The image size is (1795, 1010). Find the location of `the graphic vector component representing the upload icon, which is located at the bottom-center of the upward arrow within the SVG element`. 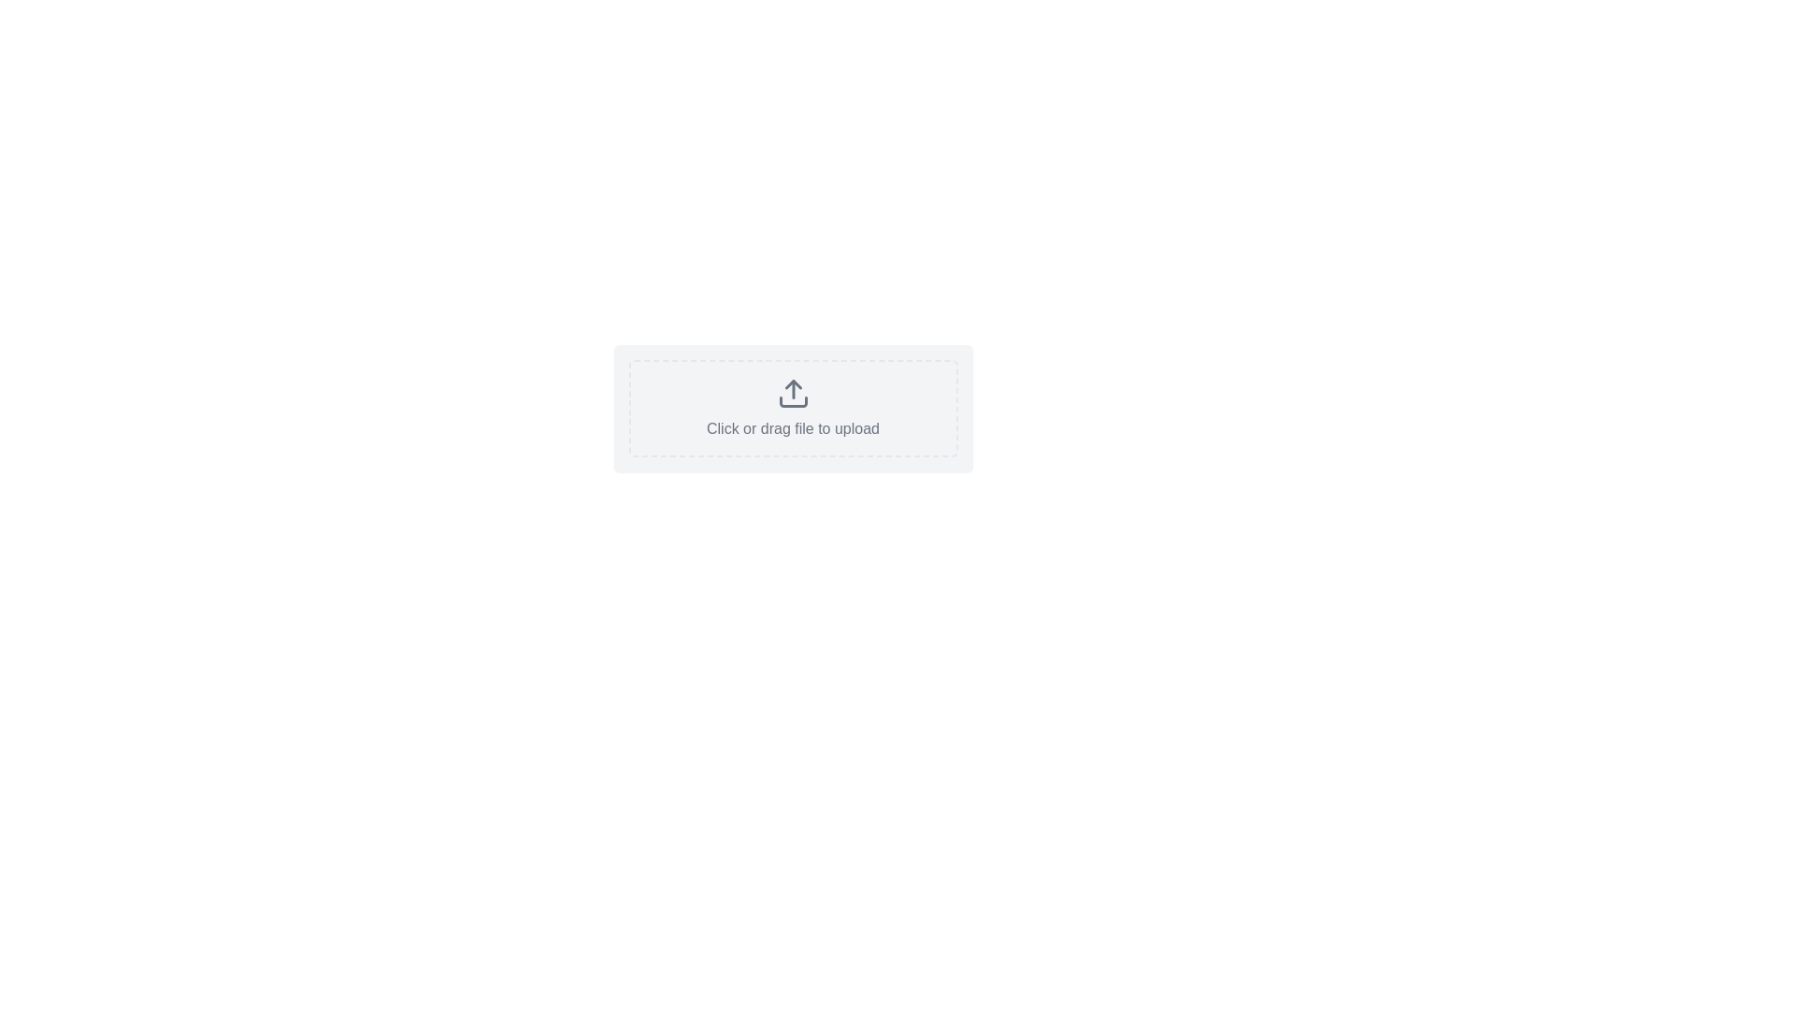

the graphic vector component representing the upload icon, which is located at the bottom-center of the upward arrow within the SVG element is located at coordinates (793, 400).